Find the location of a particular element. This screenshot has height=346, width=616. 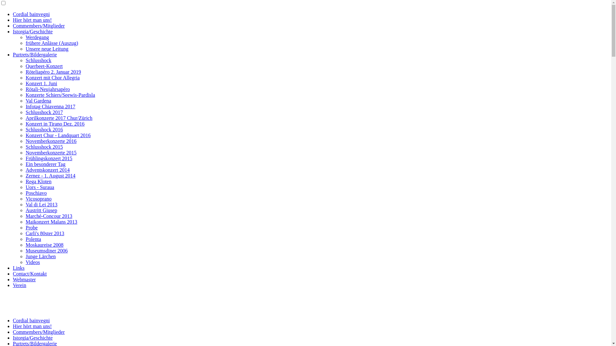

'Maikonzert Malans 2013' is located at coordinates (51, 221).